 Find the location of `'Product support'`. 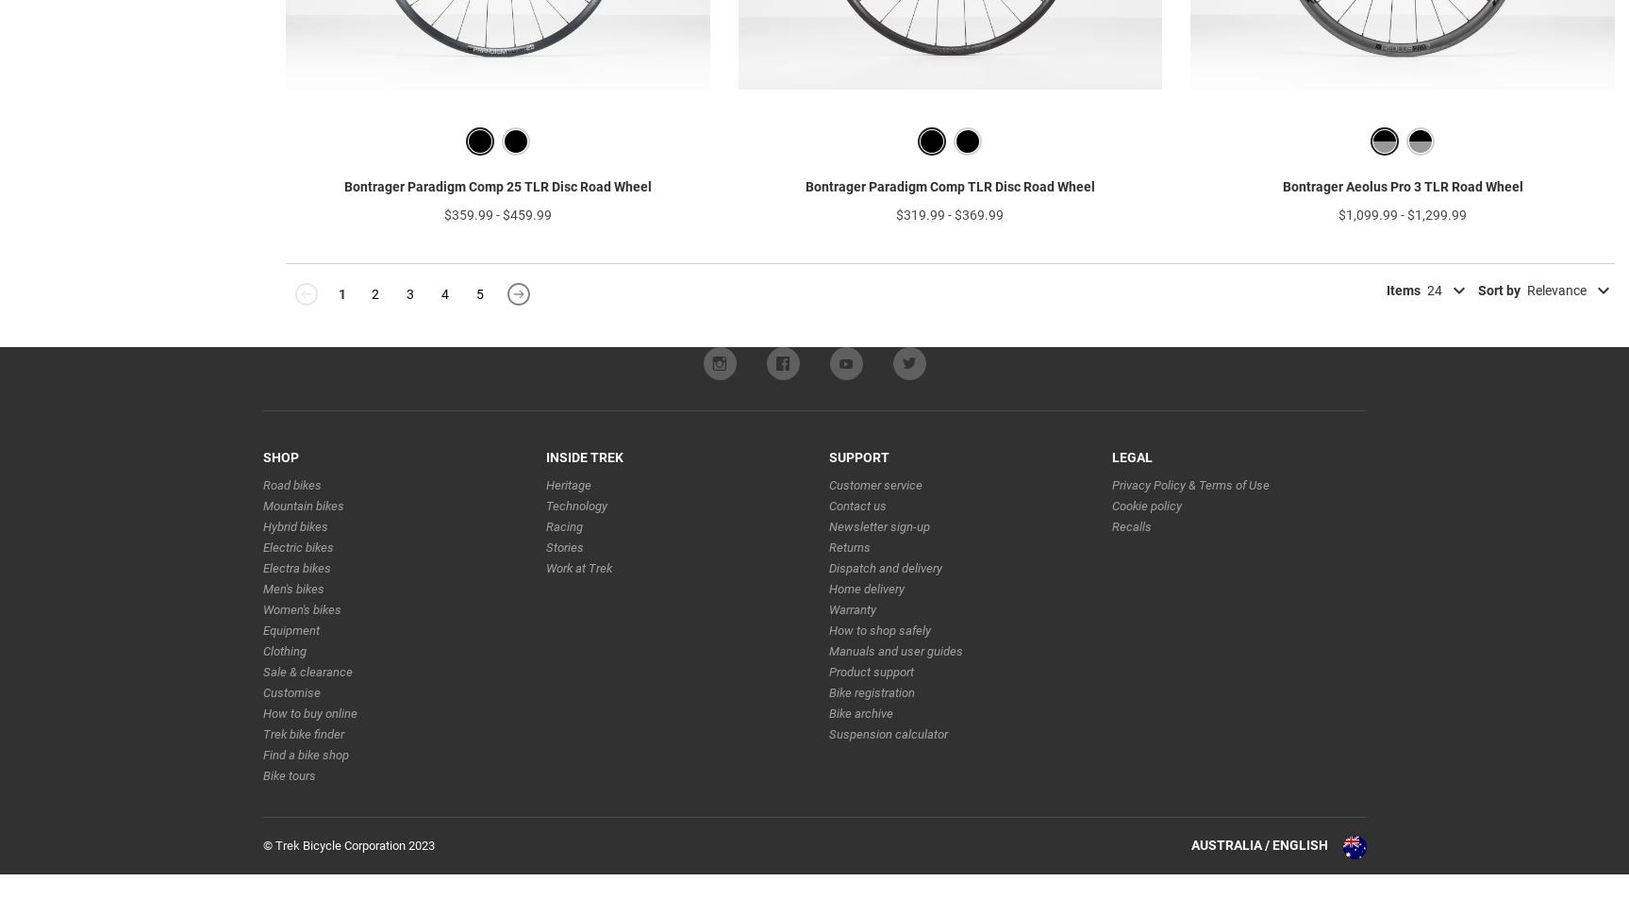

'Product support' is located at coordinates (870, 700).